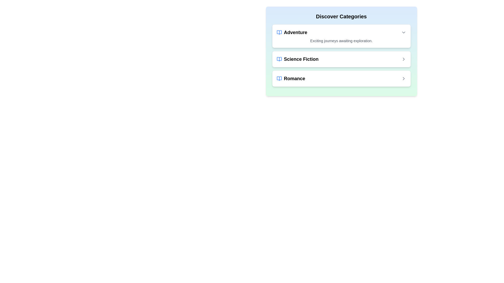 The height and width of the screenshot is (283, 504). Describe the element at coordinates (341, 79) in the screenshot. I see `the category Romance to see the hover effect` at that location.